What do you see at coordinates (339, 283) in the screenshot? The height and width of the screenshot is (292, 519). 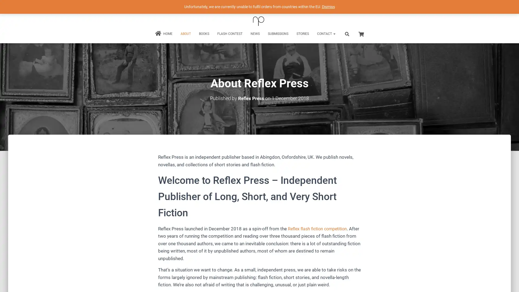 I see `Accept` at bounding box center [339, 283].